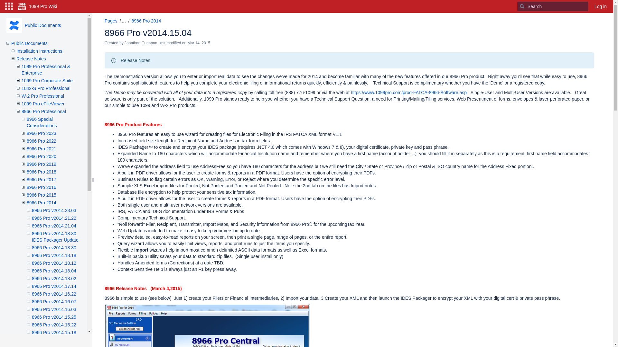 Image resolution: width=618 pixels, height=347 pixels. What do you see at coordinates (54, 263) in the screenshot?
I see `'8966 Pro v2014.18.12'` at bounding box center [54, 263].